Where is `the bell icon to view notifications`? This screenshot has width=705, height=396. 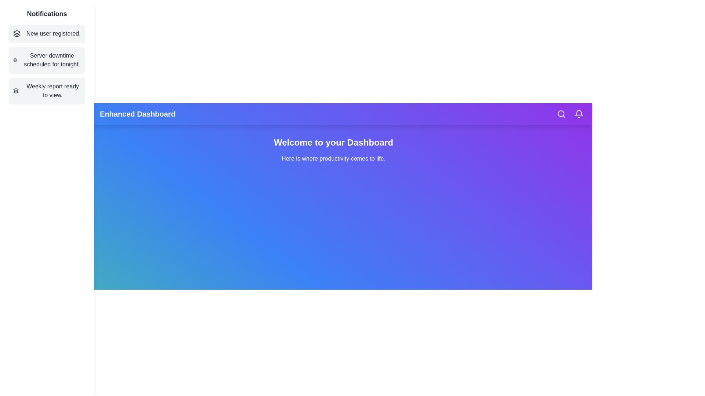
the bell icon to view notifications is located at coordinates (579, 114).